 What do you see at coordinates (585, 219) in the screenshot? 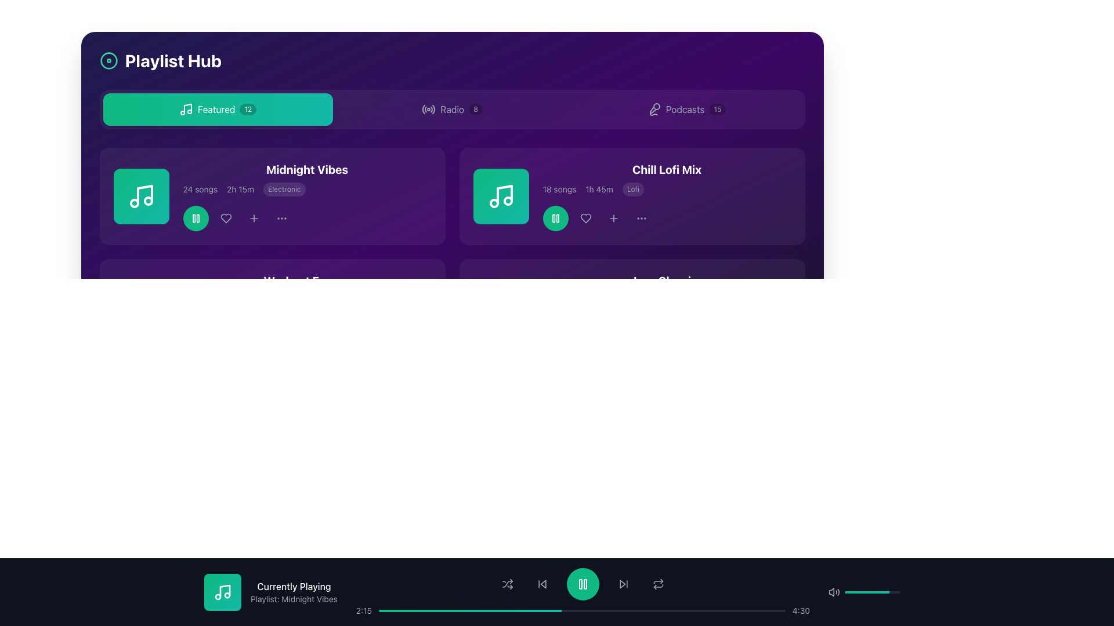
I see `the 'favorite' icon button located to the right of the circular play button` at bounding box center [585, 219].